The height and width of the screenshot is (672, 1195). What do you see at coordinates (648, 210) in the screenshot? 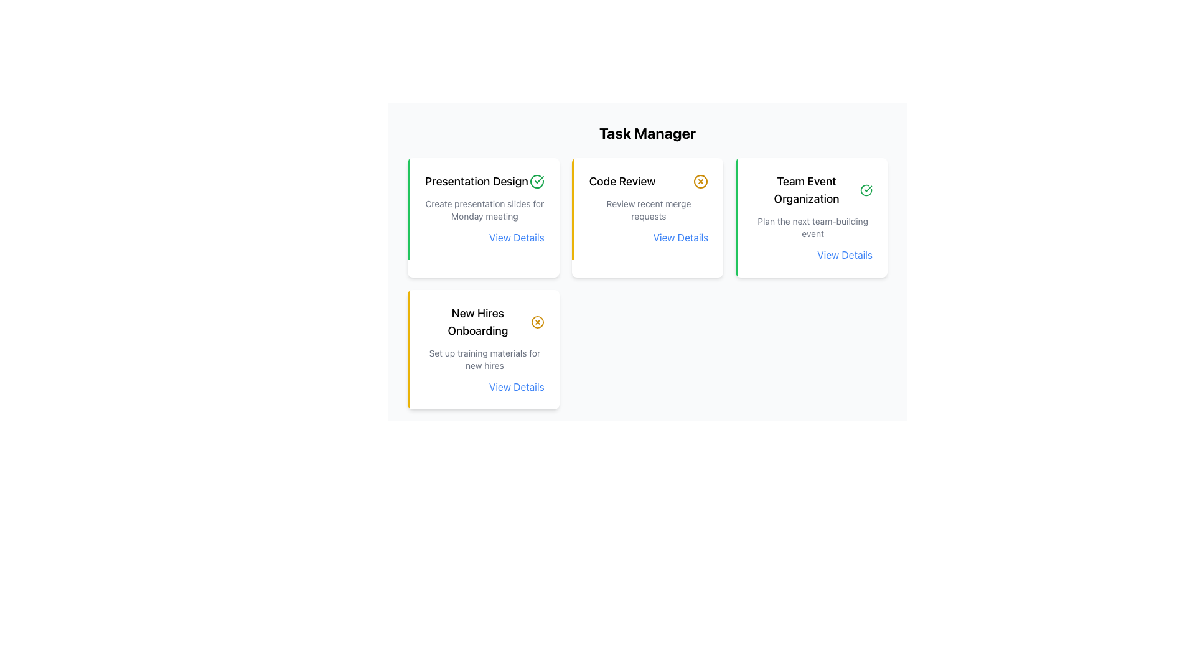
I see `text displayed in the Text Label that says 'Review recent merge requests', which is located beneath the 'Code Review' heading in the task card` at bounding box center [648, 210].